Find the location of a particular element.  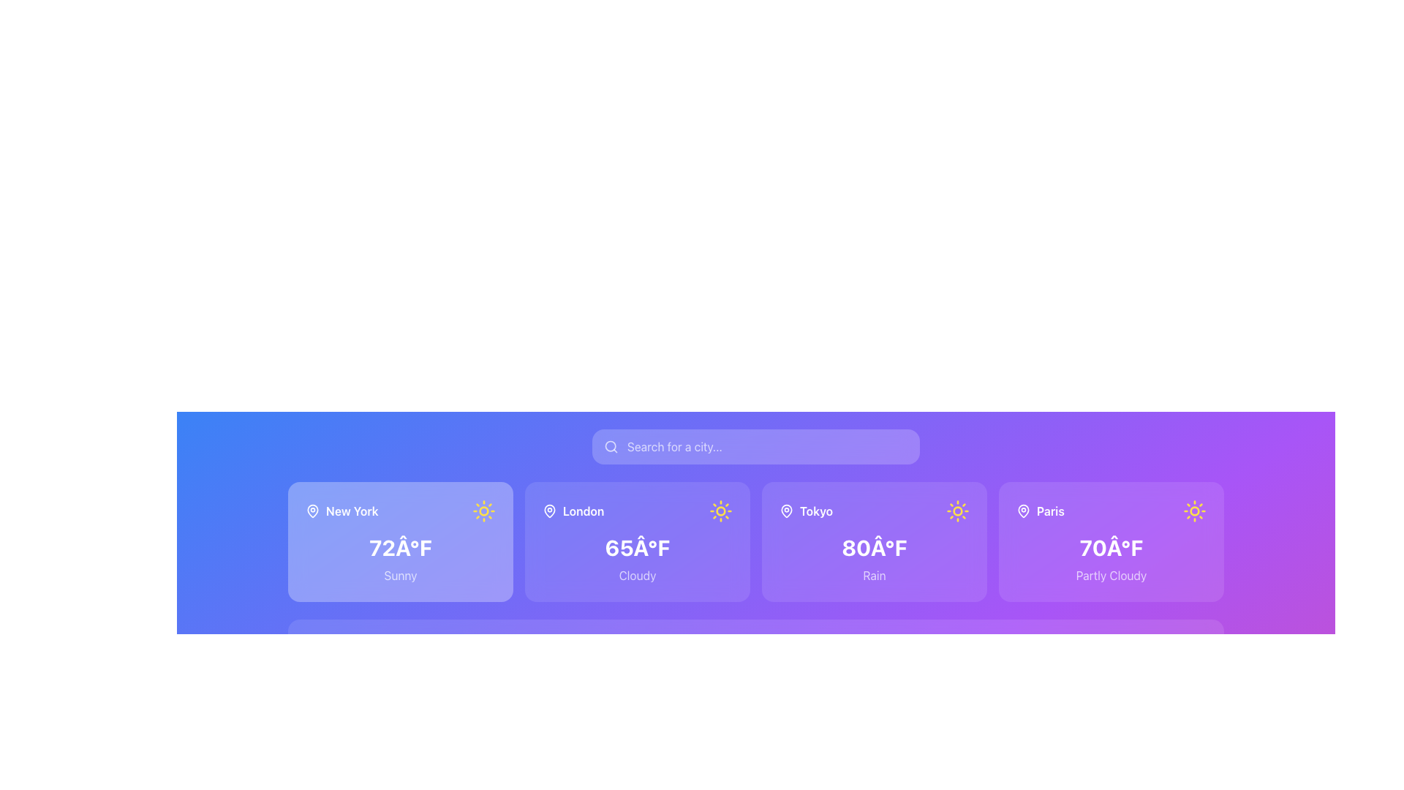

the map pin icon representing weather information for 'London', located to the left of the text 'London' in the second weather card is located at coordinates (549, 510).